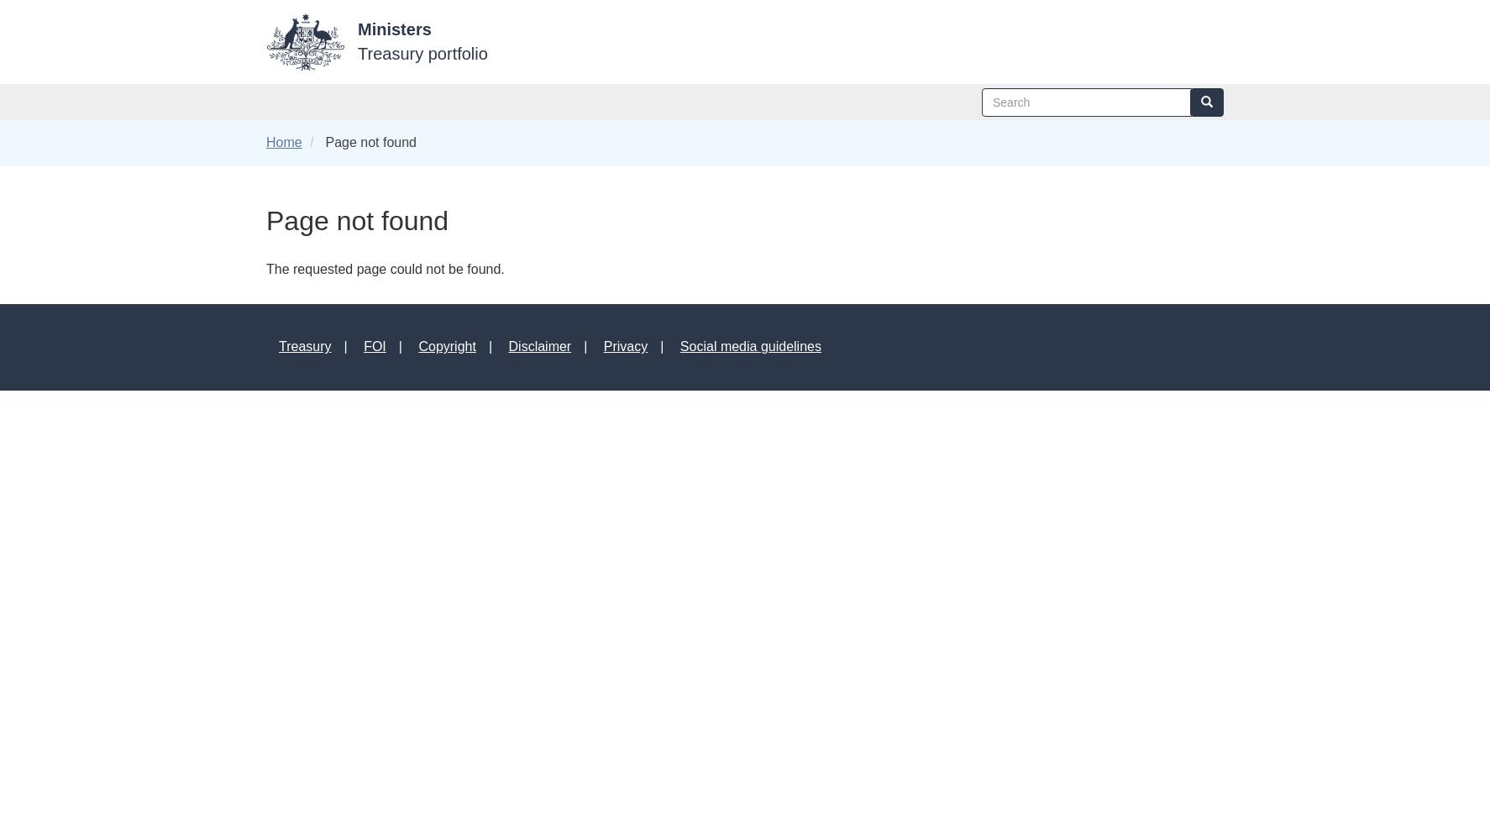  What do you see at coordinates (417, 346) in the screenshot?
I see `'Copyright'` at bounding box center [417, 346].